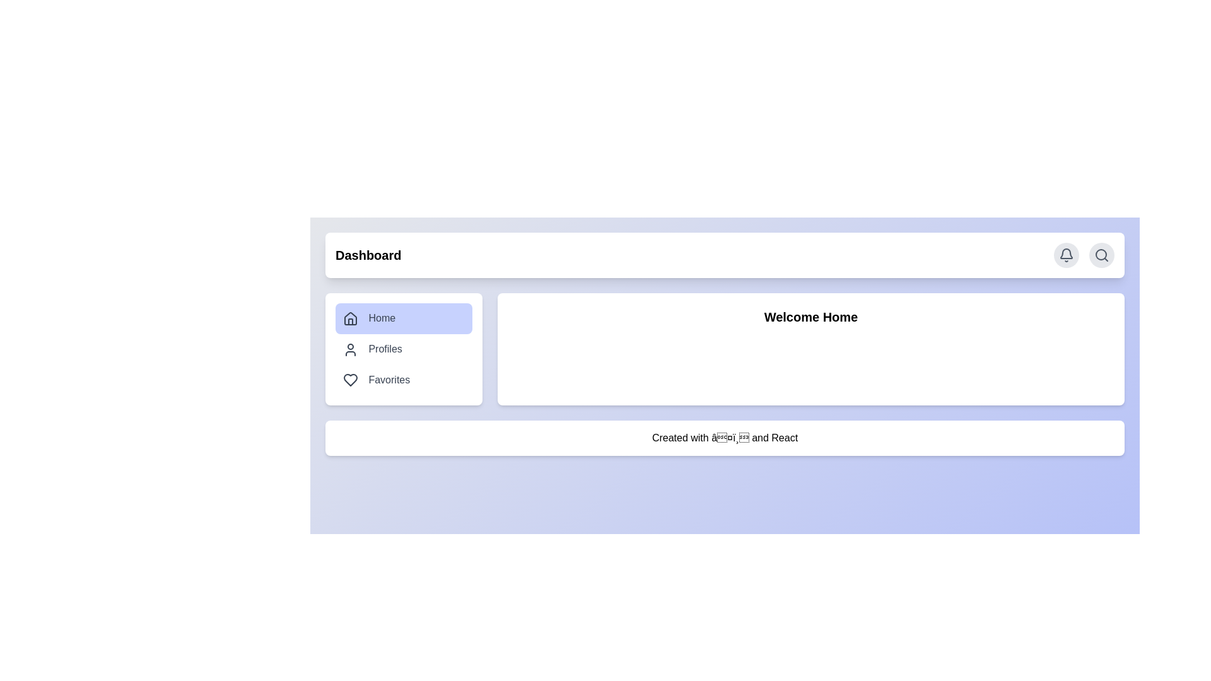 The height and width of the screenshot is (681, 1211). Describe the element at coordinates (404, 349) in the screenshot. I see `the navigation menu entries` at that location.